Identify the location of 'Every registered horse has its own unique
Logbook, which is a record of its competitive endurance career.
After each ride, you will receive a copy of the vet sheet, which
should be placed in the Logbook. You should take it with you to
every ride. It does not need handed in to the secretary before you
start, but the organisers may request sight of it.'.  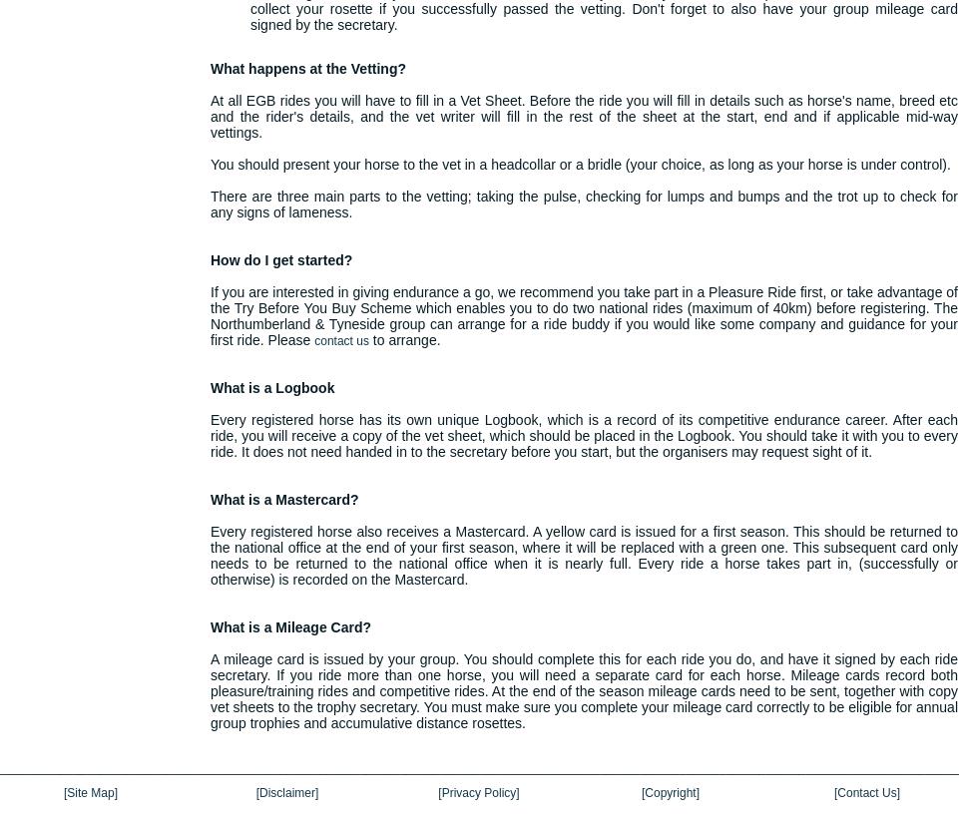
(583, 434).